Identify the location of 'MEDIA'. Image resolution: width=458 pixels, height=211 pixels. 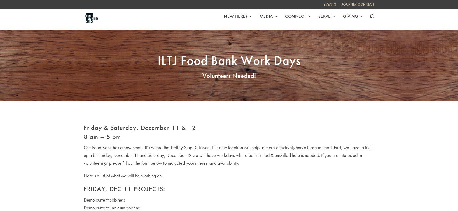
(266, 19).